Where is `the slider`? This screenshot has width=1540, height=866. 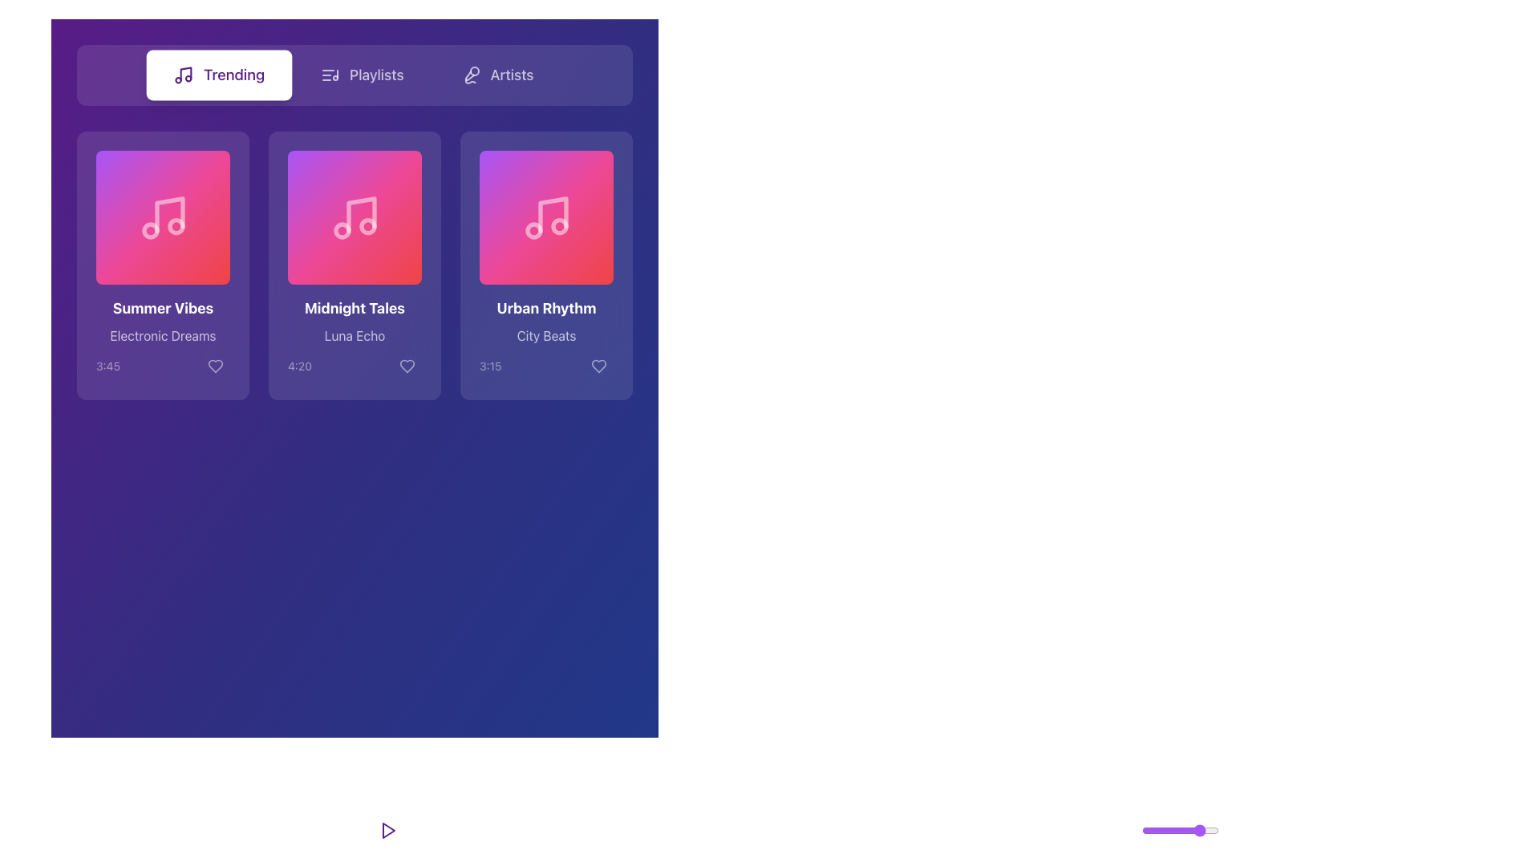 the slider is located at coordinates (1156, 830).